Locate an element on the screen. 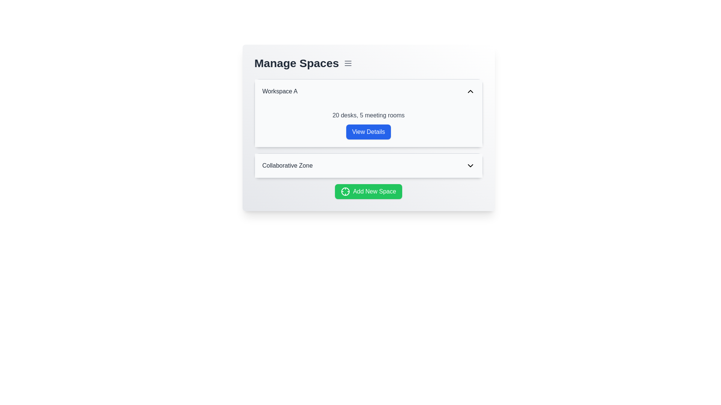 This screenshot has height=405, width=721. the Info panel with action button containing '20 desks, 5 meeting rooms' and the 'View Details' button located beneath the header of 'Workspace A' is located at coordinates (368, 125).